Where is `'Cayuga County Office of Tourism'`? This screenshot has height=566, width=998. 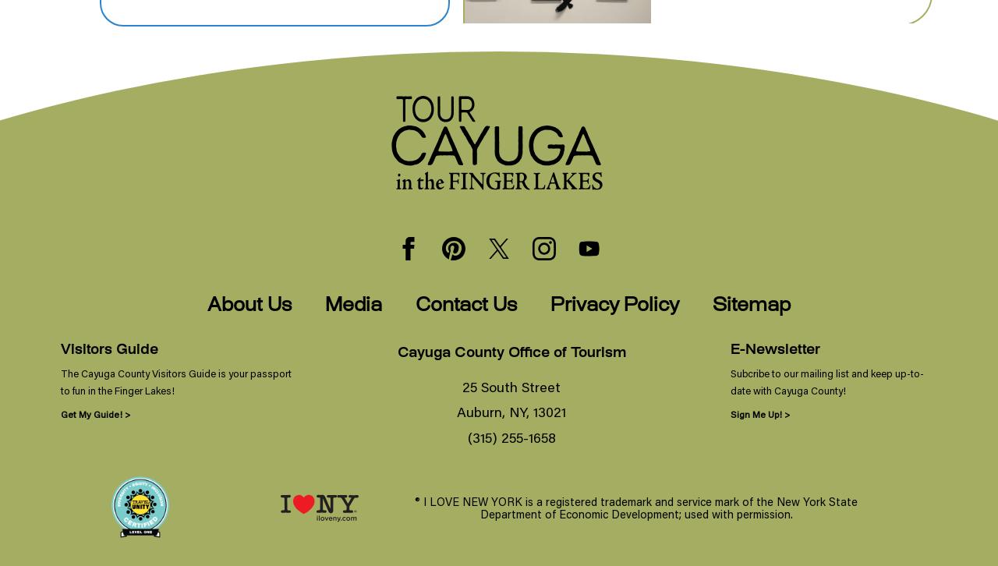
'Cayuga County Office of Tourism' is located at coordinates (511, 353).